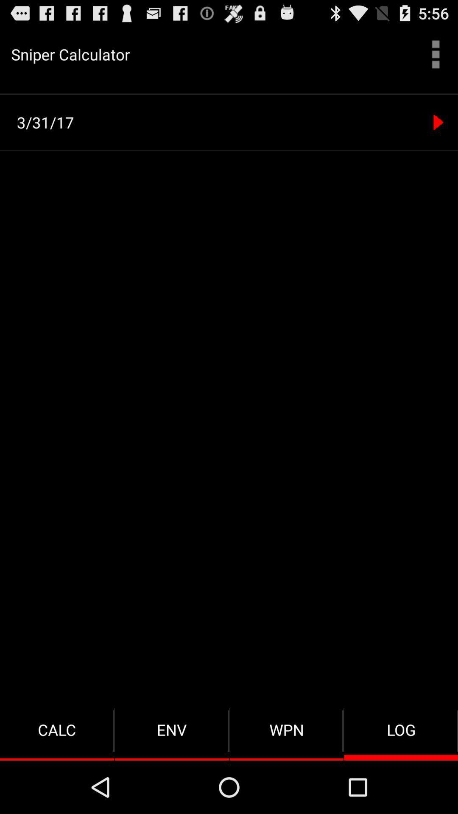  Describe the element at coordinates (229, 94) in the screenshot. I see `the item below sniper calculator` at that location.